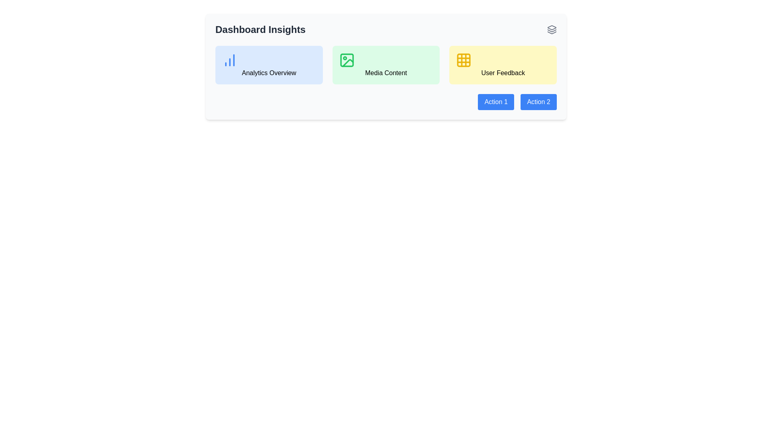 The width and height of the screenshot is (773, 434). Describe the element at coordinates (386, 65) in the screenshot. I see `the second card in the 'Dashboard Insights' section, which represents a feature related to media content` at that location.